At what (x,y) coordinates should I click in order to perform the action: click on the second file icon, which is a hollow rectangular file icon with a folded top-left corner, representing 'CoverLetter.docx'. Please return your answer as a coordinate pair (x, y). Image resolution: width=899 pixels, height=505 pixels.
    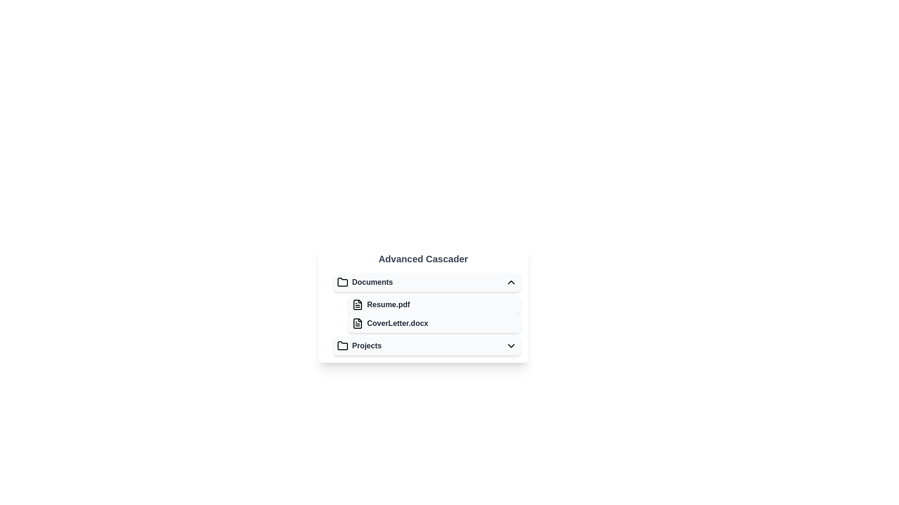
    Looking at the image, I should click on (357, 323).